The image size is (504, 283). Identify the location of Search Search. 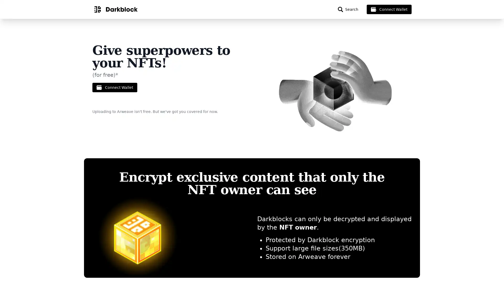
(348, 9).